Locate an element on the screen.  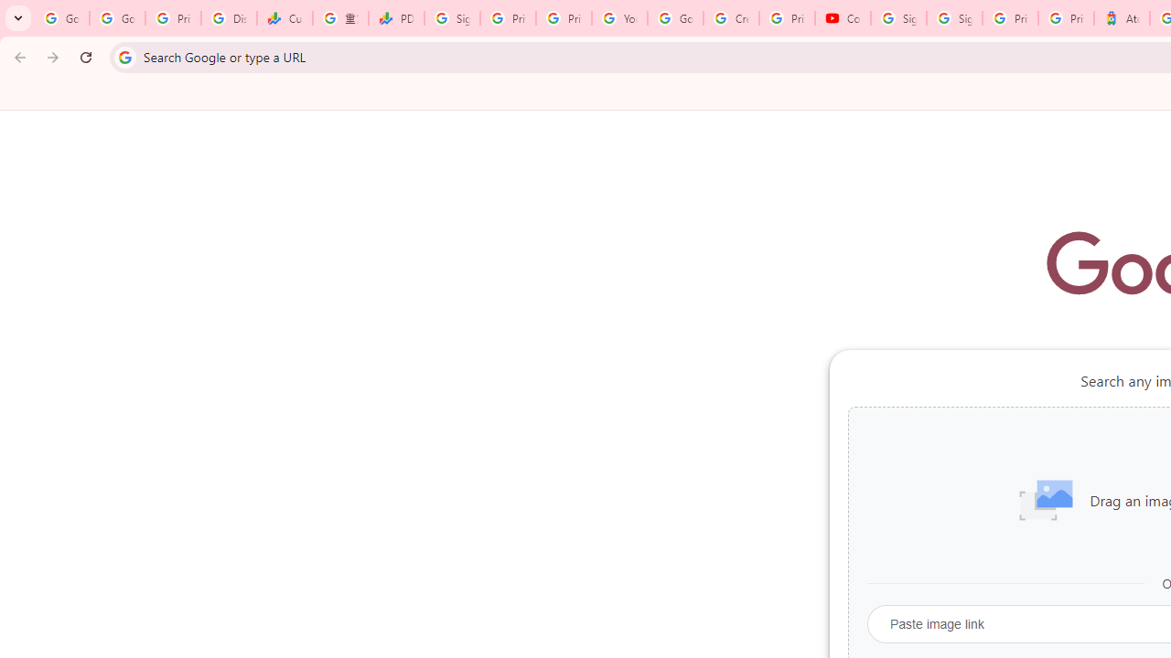
'Google Workspace Admin Community' is located at coordinates (61, 18).